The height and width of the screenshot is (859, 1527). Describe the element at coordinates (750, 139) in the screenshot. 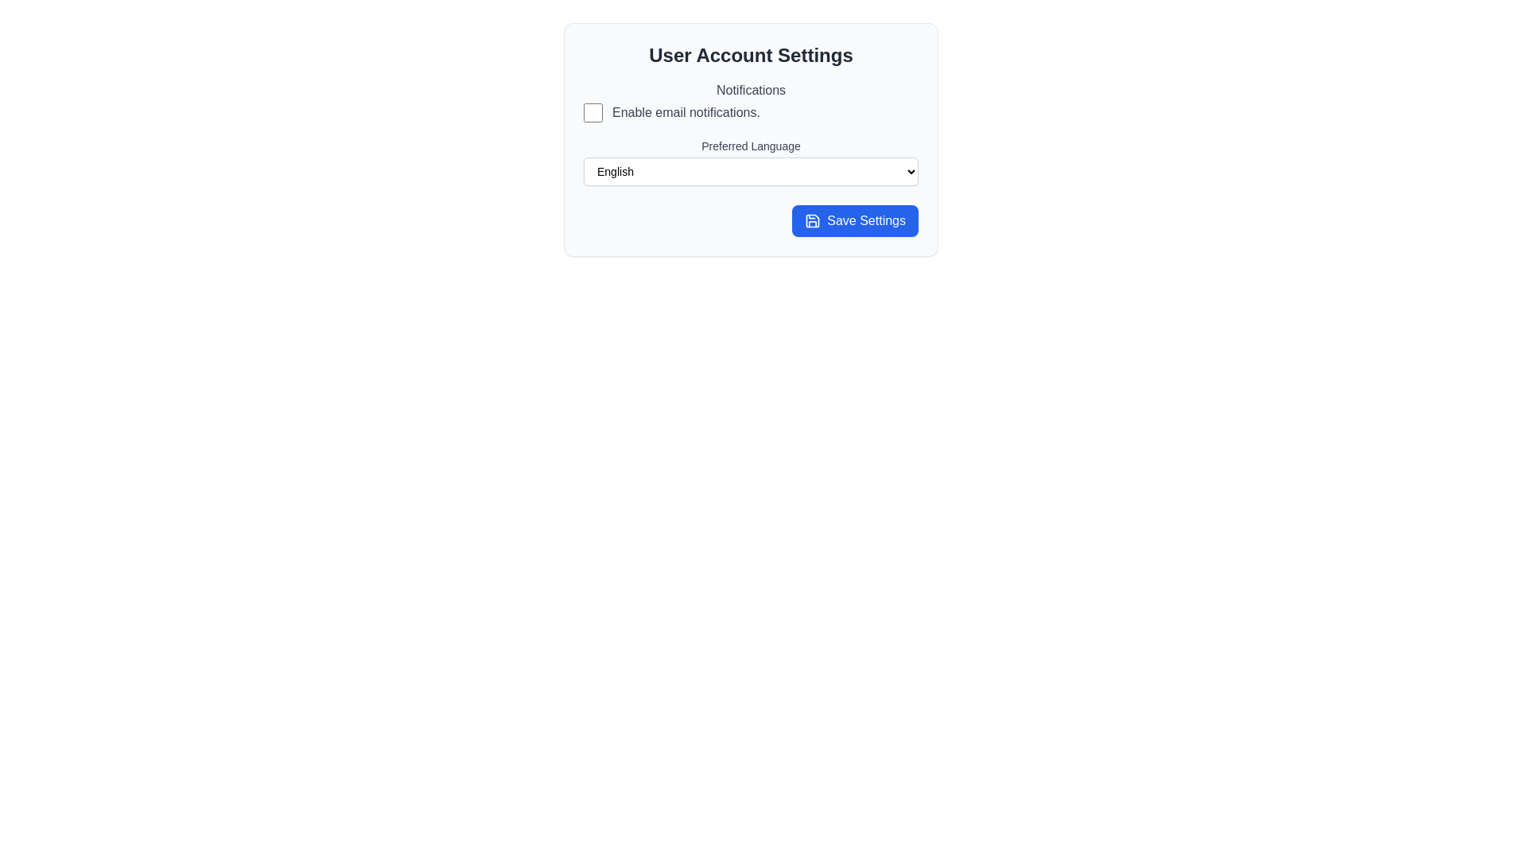

I see `a language from the dropdown within the 'User Account Settings' section, which contains options for enabling email notifications and a save button` at that location.